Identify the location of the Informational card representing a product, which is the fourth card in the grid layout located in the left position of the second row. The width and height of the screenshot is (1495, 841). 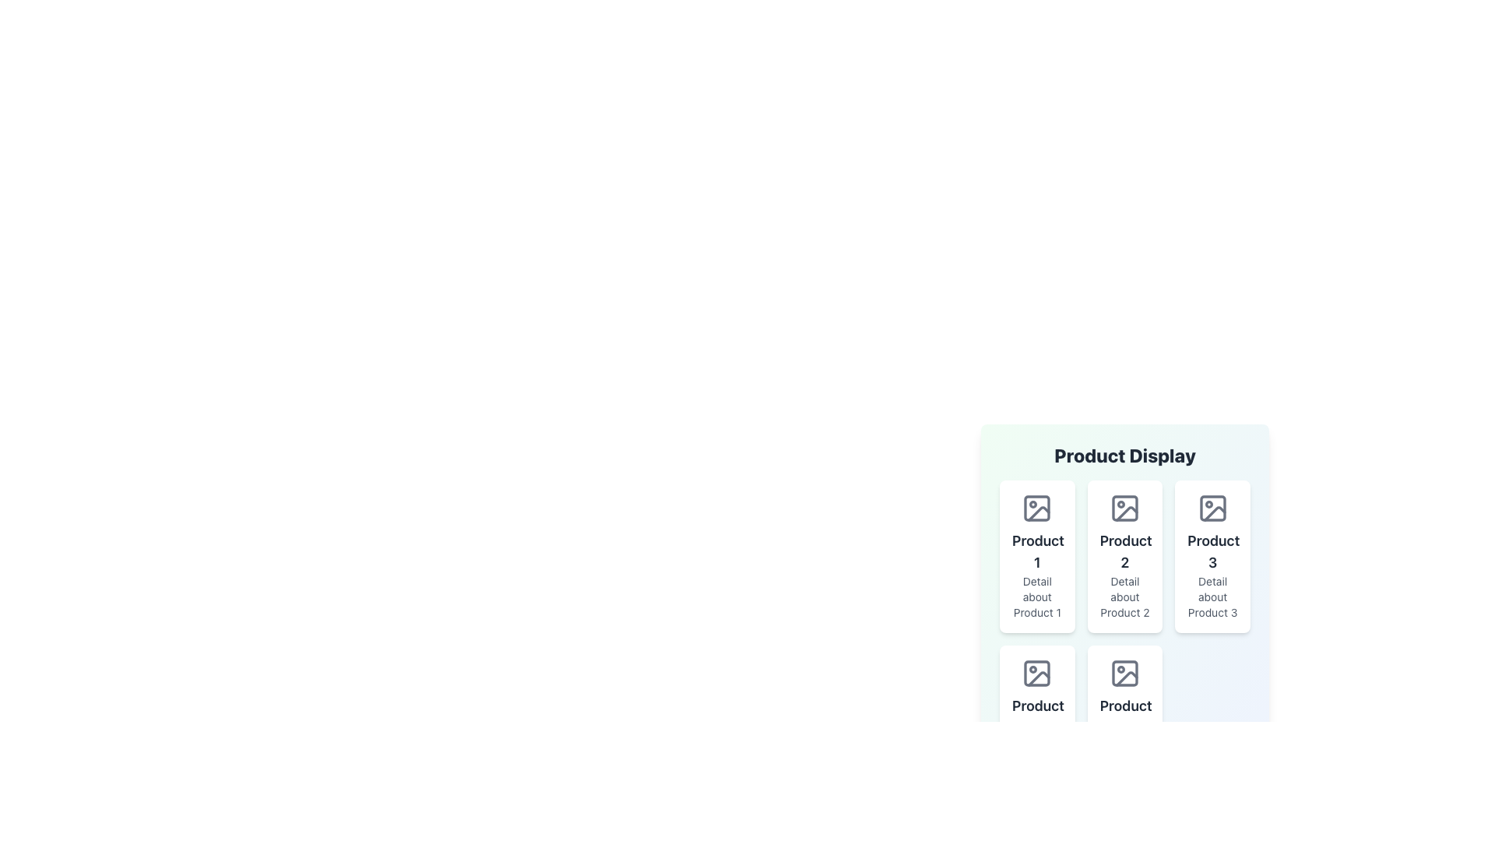
(1037, 721).